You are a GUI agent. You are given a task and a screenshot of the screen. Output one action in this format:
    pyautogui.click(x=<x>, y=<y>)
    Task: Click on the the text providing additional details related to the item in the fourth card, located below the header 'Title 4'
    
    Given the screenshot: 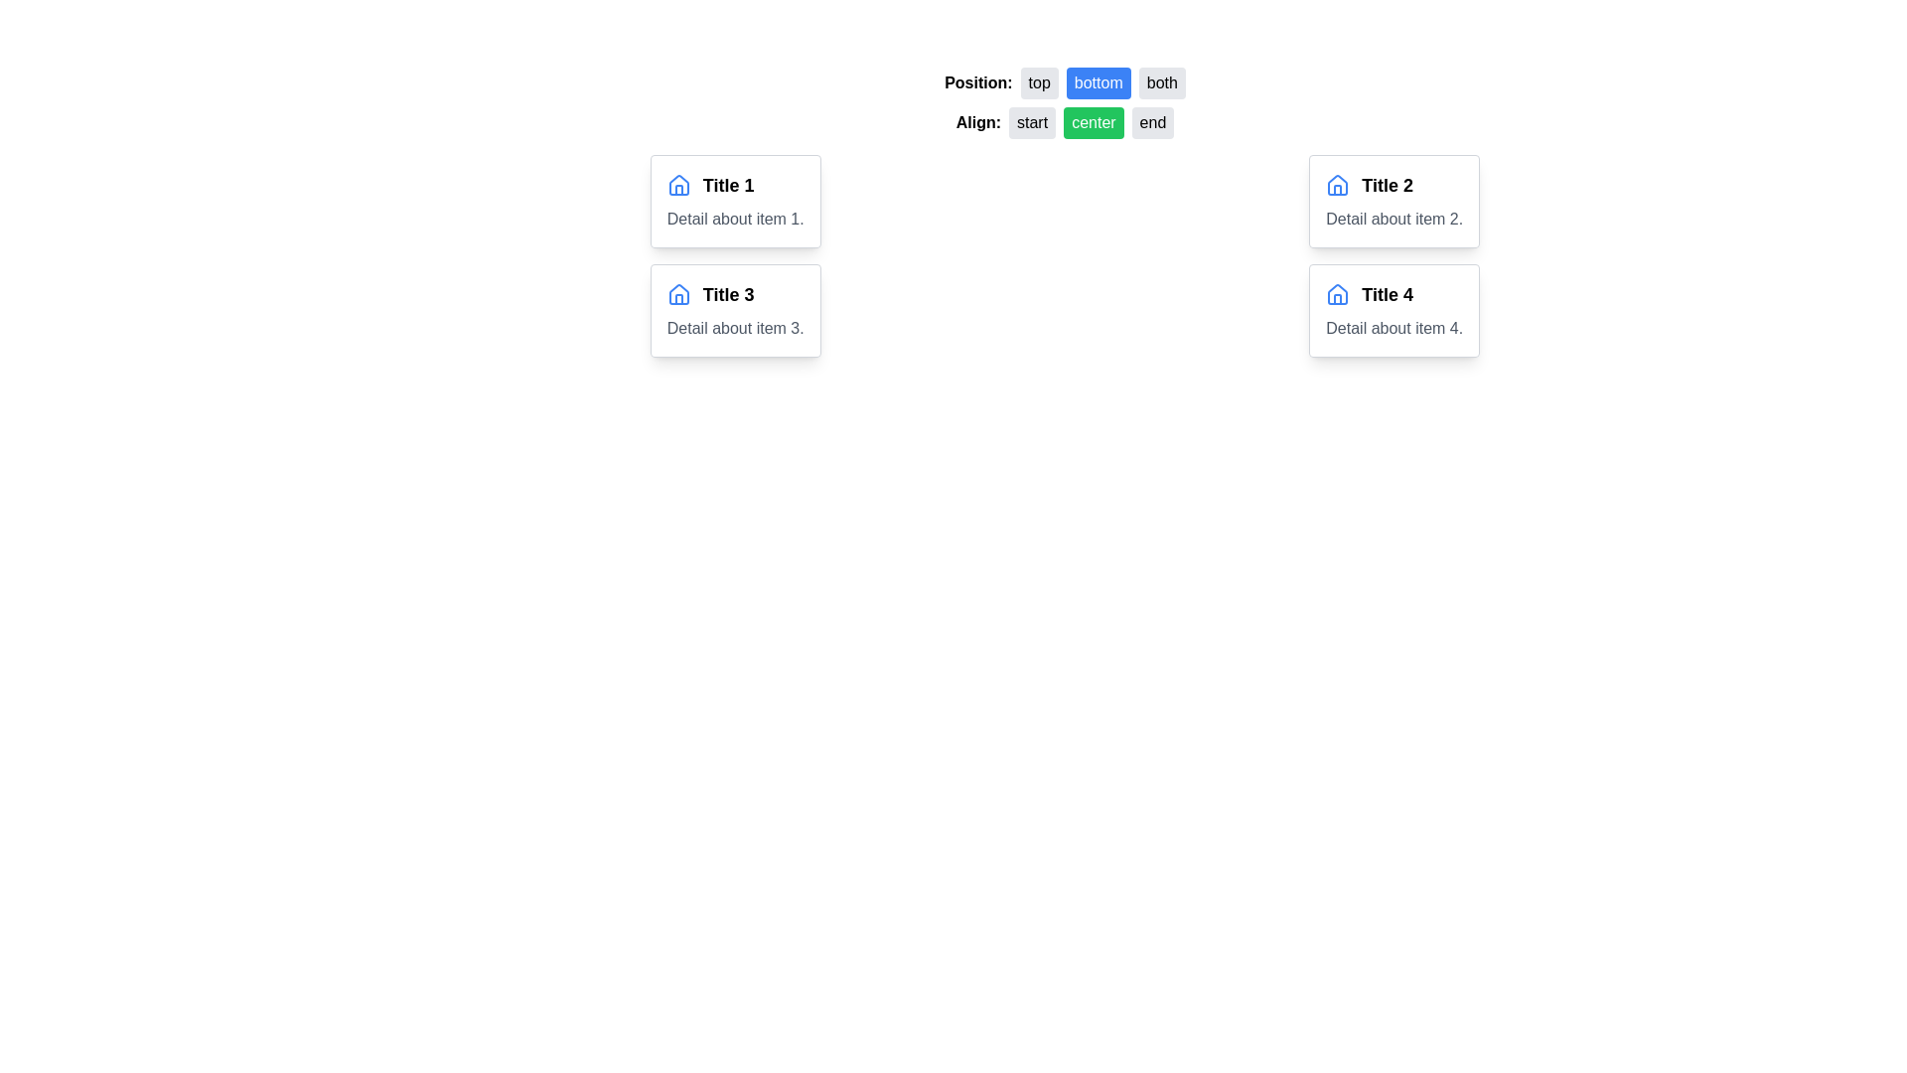 What is the action you would take?
    pyautogui.click(x=1394, y=328)
    